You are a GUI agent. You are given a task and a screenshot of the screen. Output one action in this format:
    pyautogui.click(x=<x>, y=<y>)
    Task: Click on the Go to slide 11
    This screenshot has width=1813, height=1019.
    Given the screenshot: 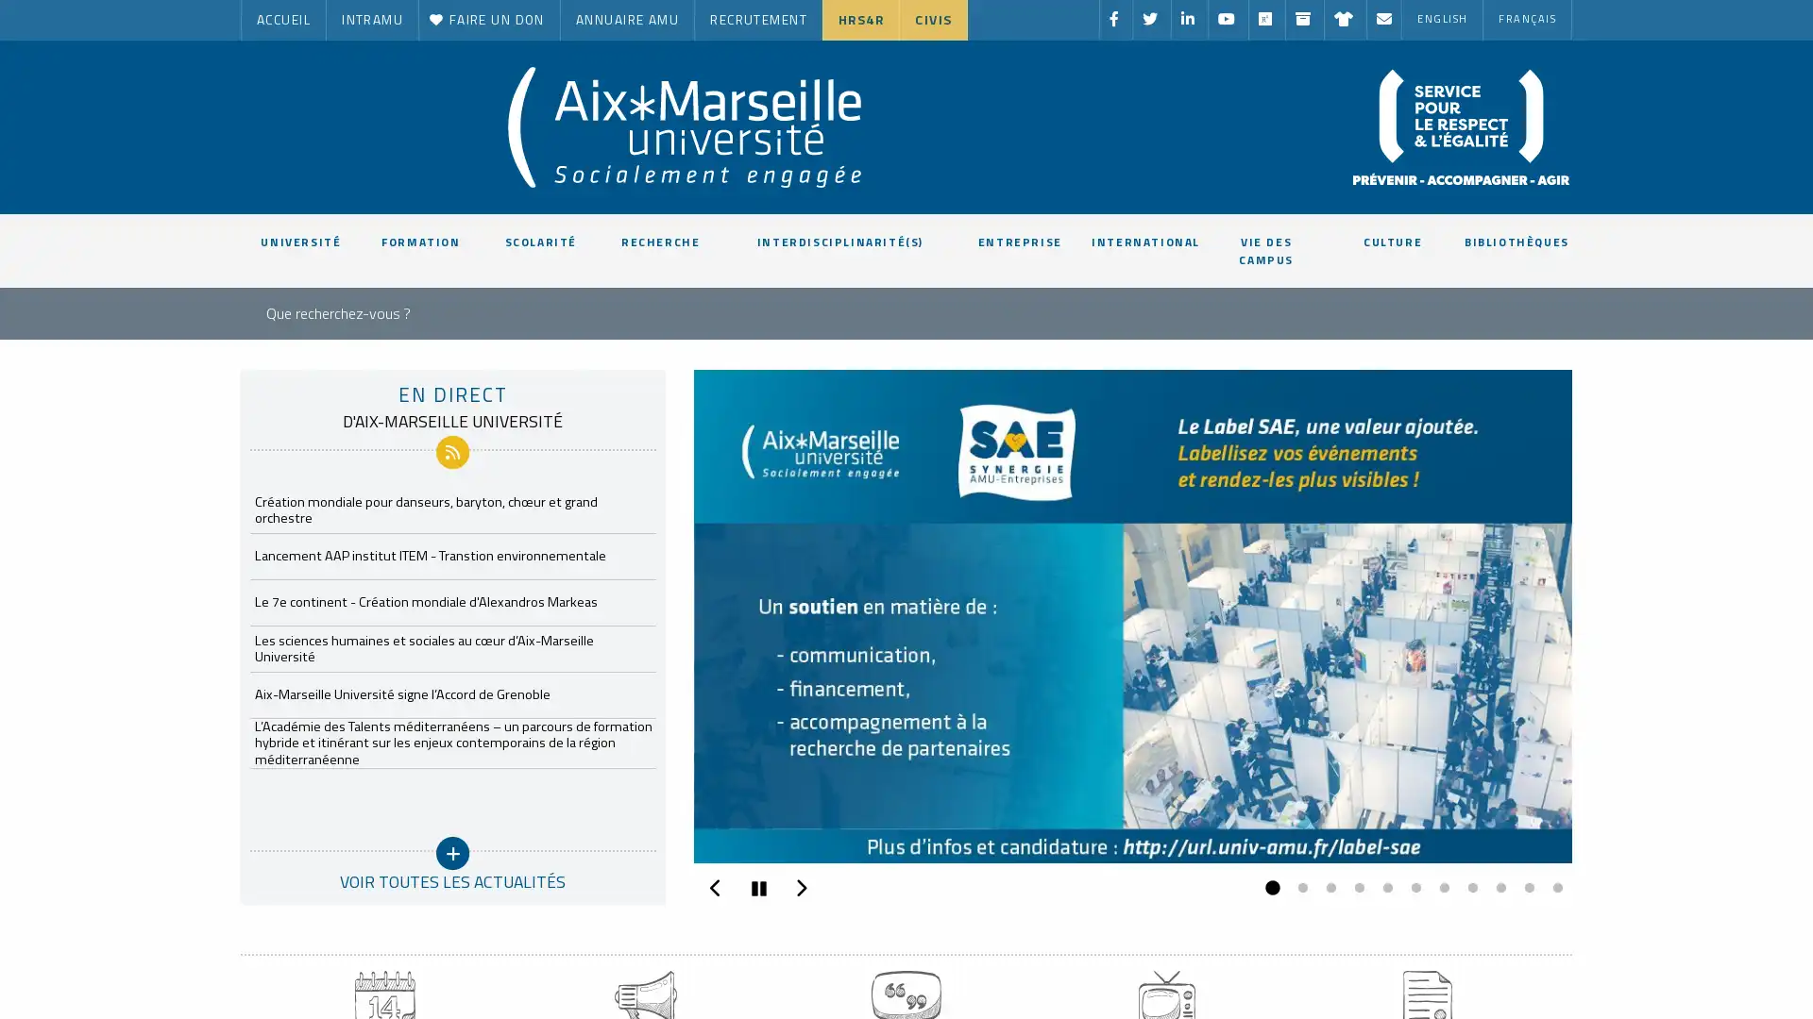 What is the action you would take?
    pyautogui.click(x=1553, y=888)
    